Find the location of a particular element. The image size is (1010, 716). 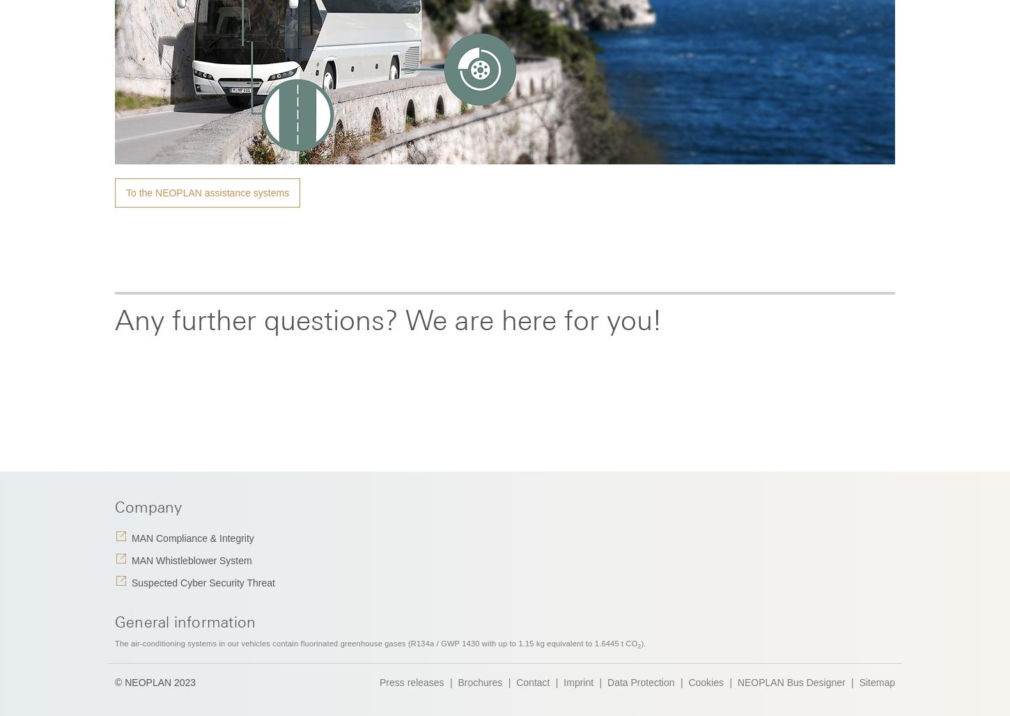

').' is located at coordinates (642, 643).